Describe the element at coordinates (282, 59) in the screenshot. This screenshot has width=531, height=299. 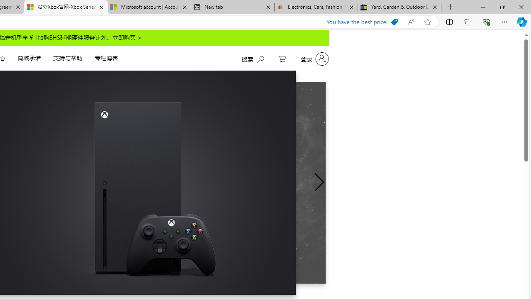
I see `'My Cart'` at that location.